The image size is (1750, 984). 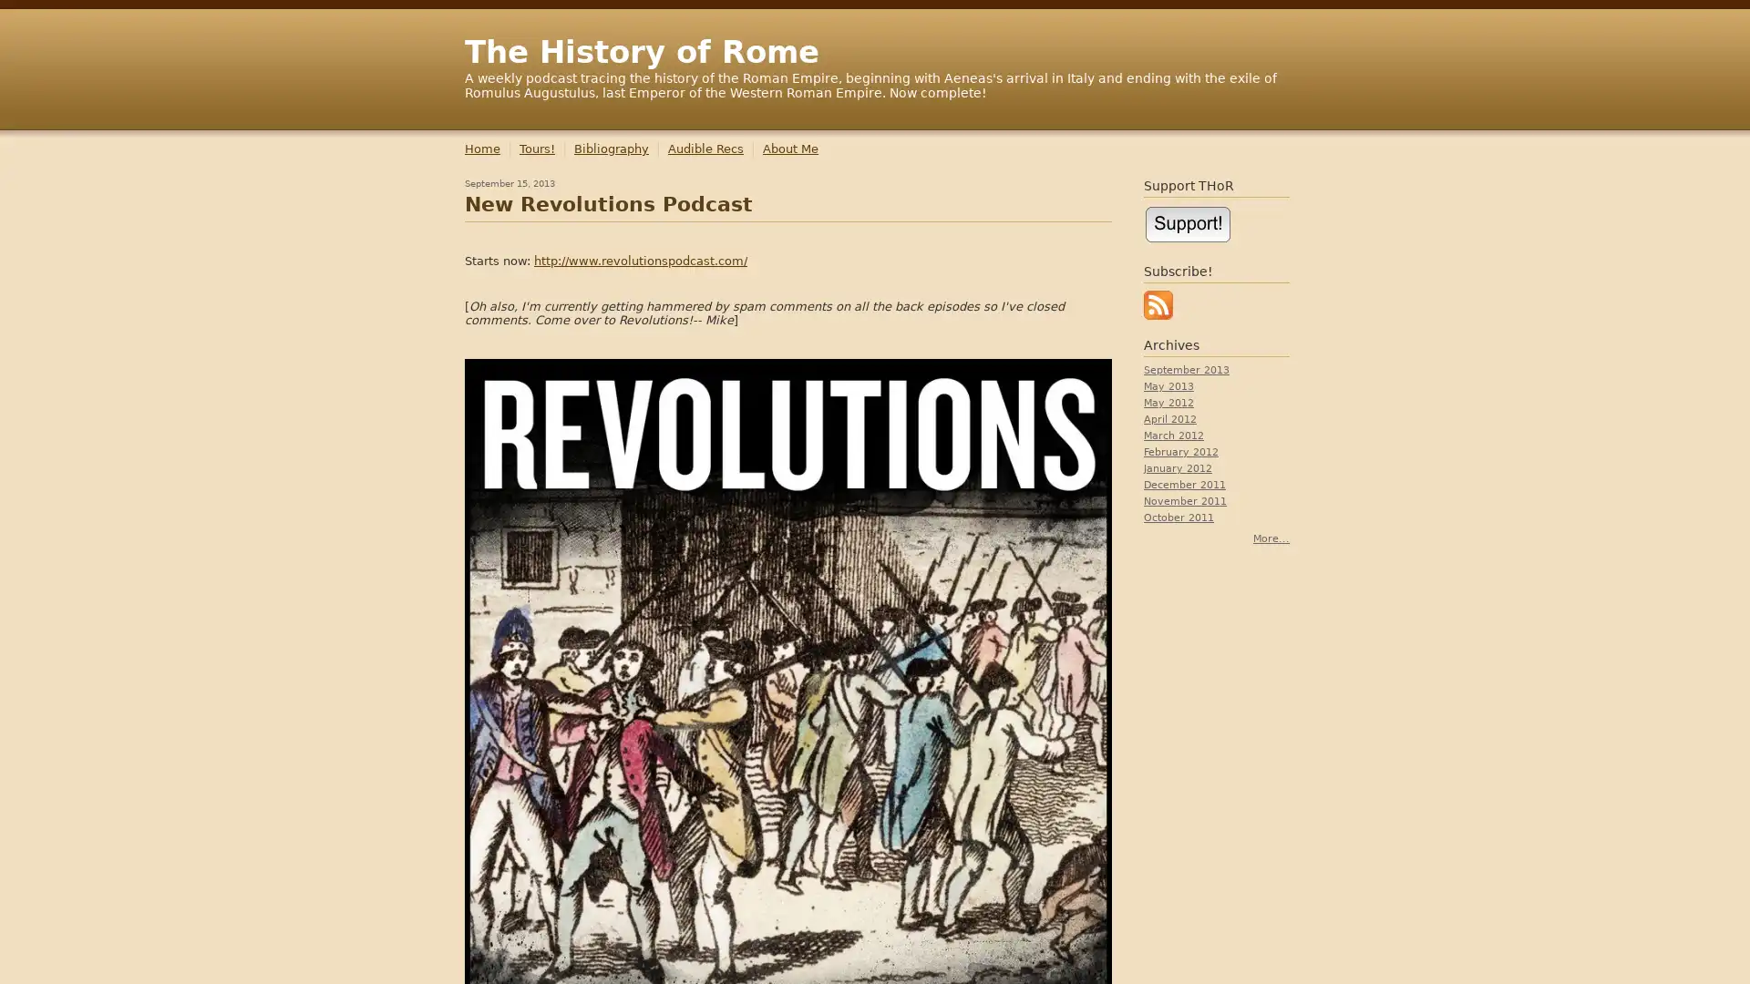 I want to click on PayPal - The safer, easier way to pay online!, so click(x=1188, y=222).